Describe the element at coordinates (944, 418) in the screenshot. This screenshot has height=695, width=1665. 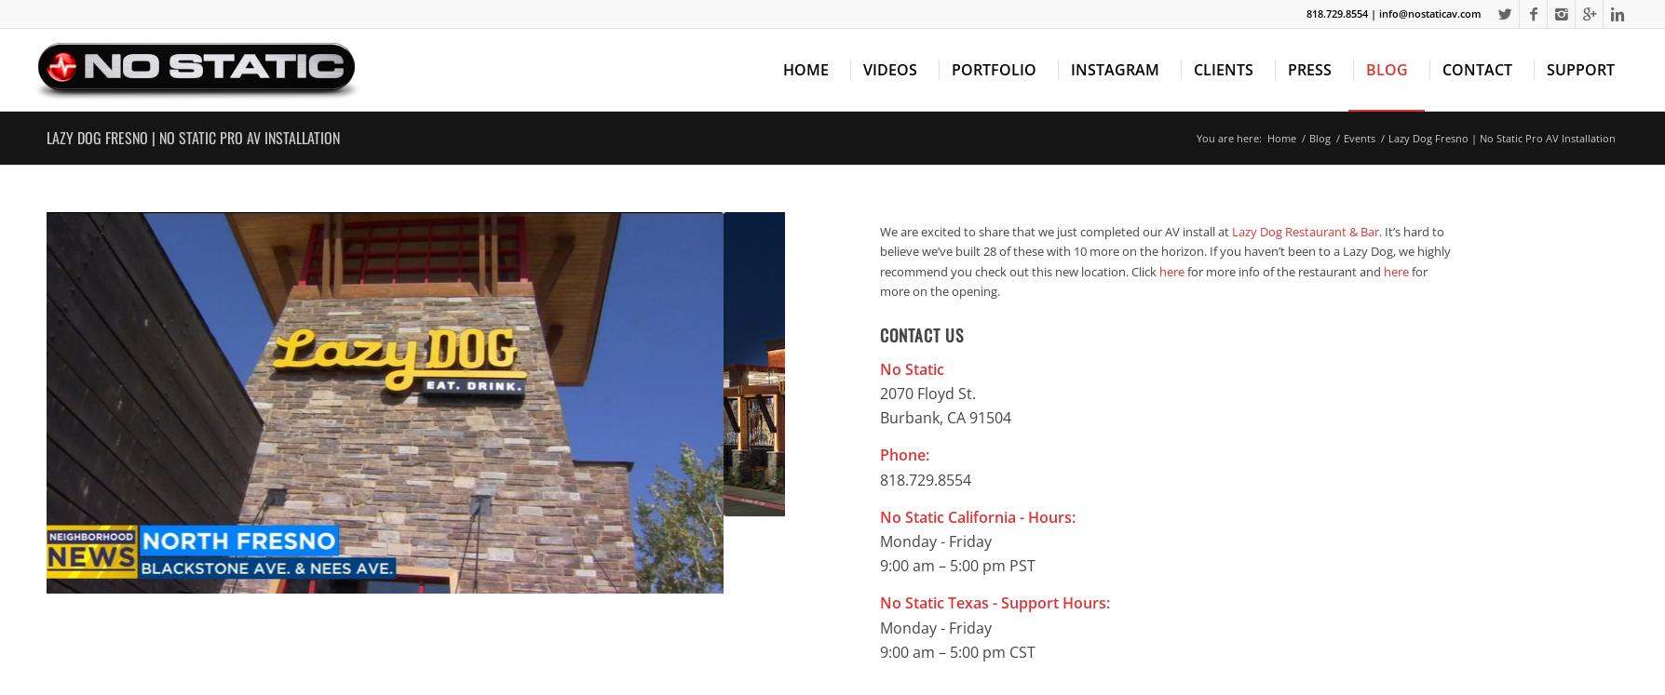
I see `'Burbank, CA 91504'` at that location.